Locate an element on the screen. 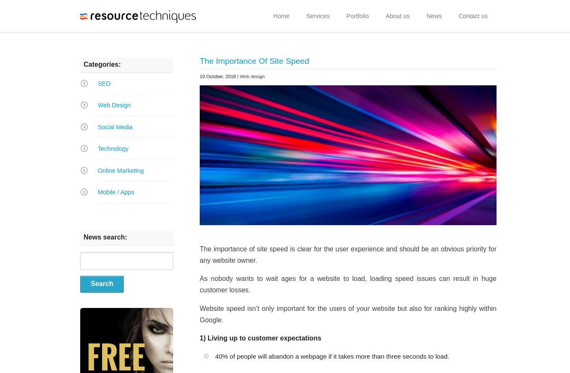  '40% of people will abandon a webpage if it takes more than three seconds to load.' is located at coordinates (331, 356).